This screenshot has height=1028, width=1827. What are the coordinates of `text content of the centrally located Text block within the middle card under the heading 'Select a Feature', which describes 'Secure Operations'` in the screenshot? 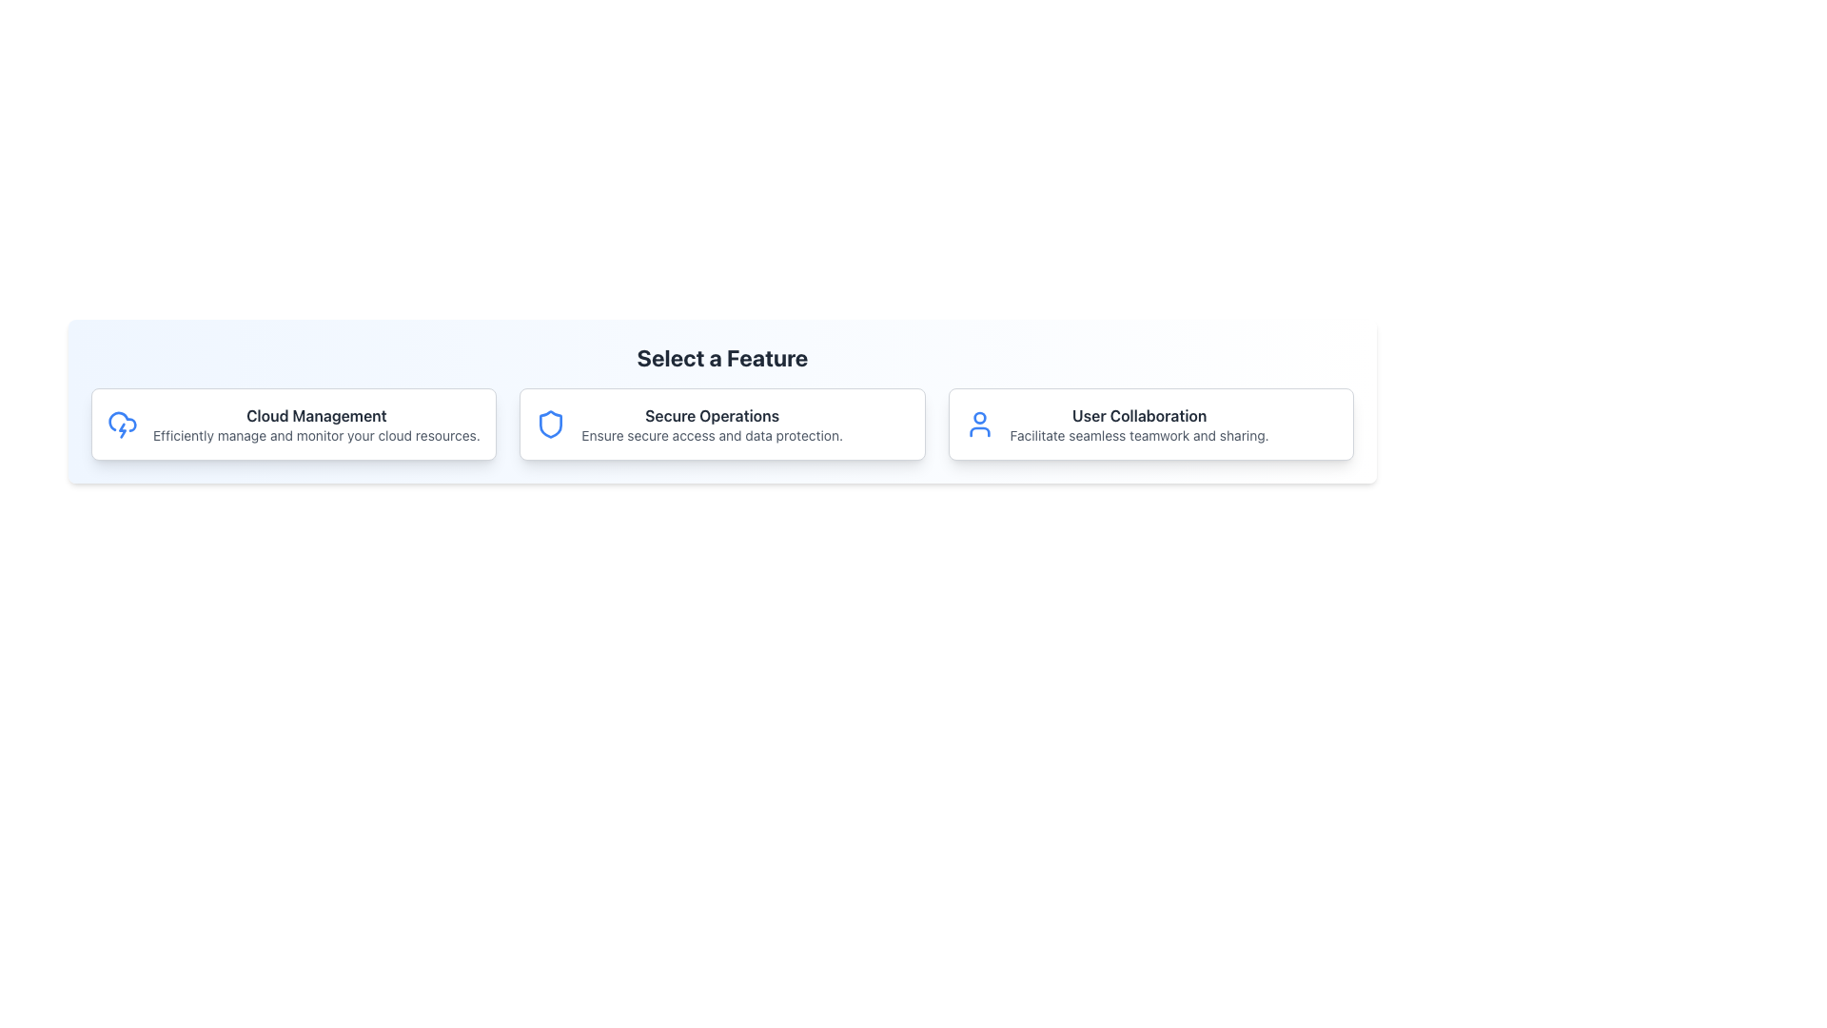 It's located at (711, 423).